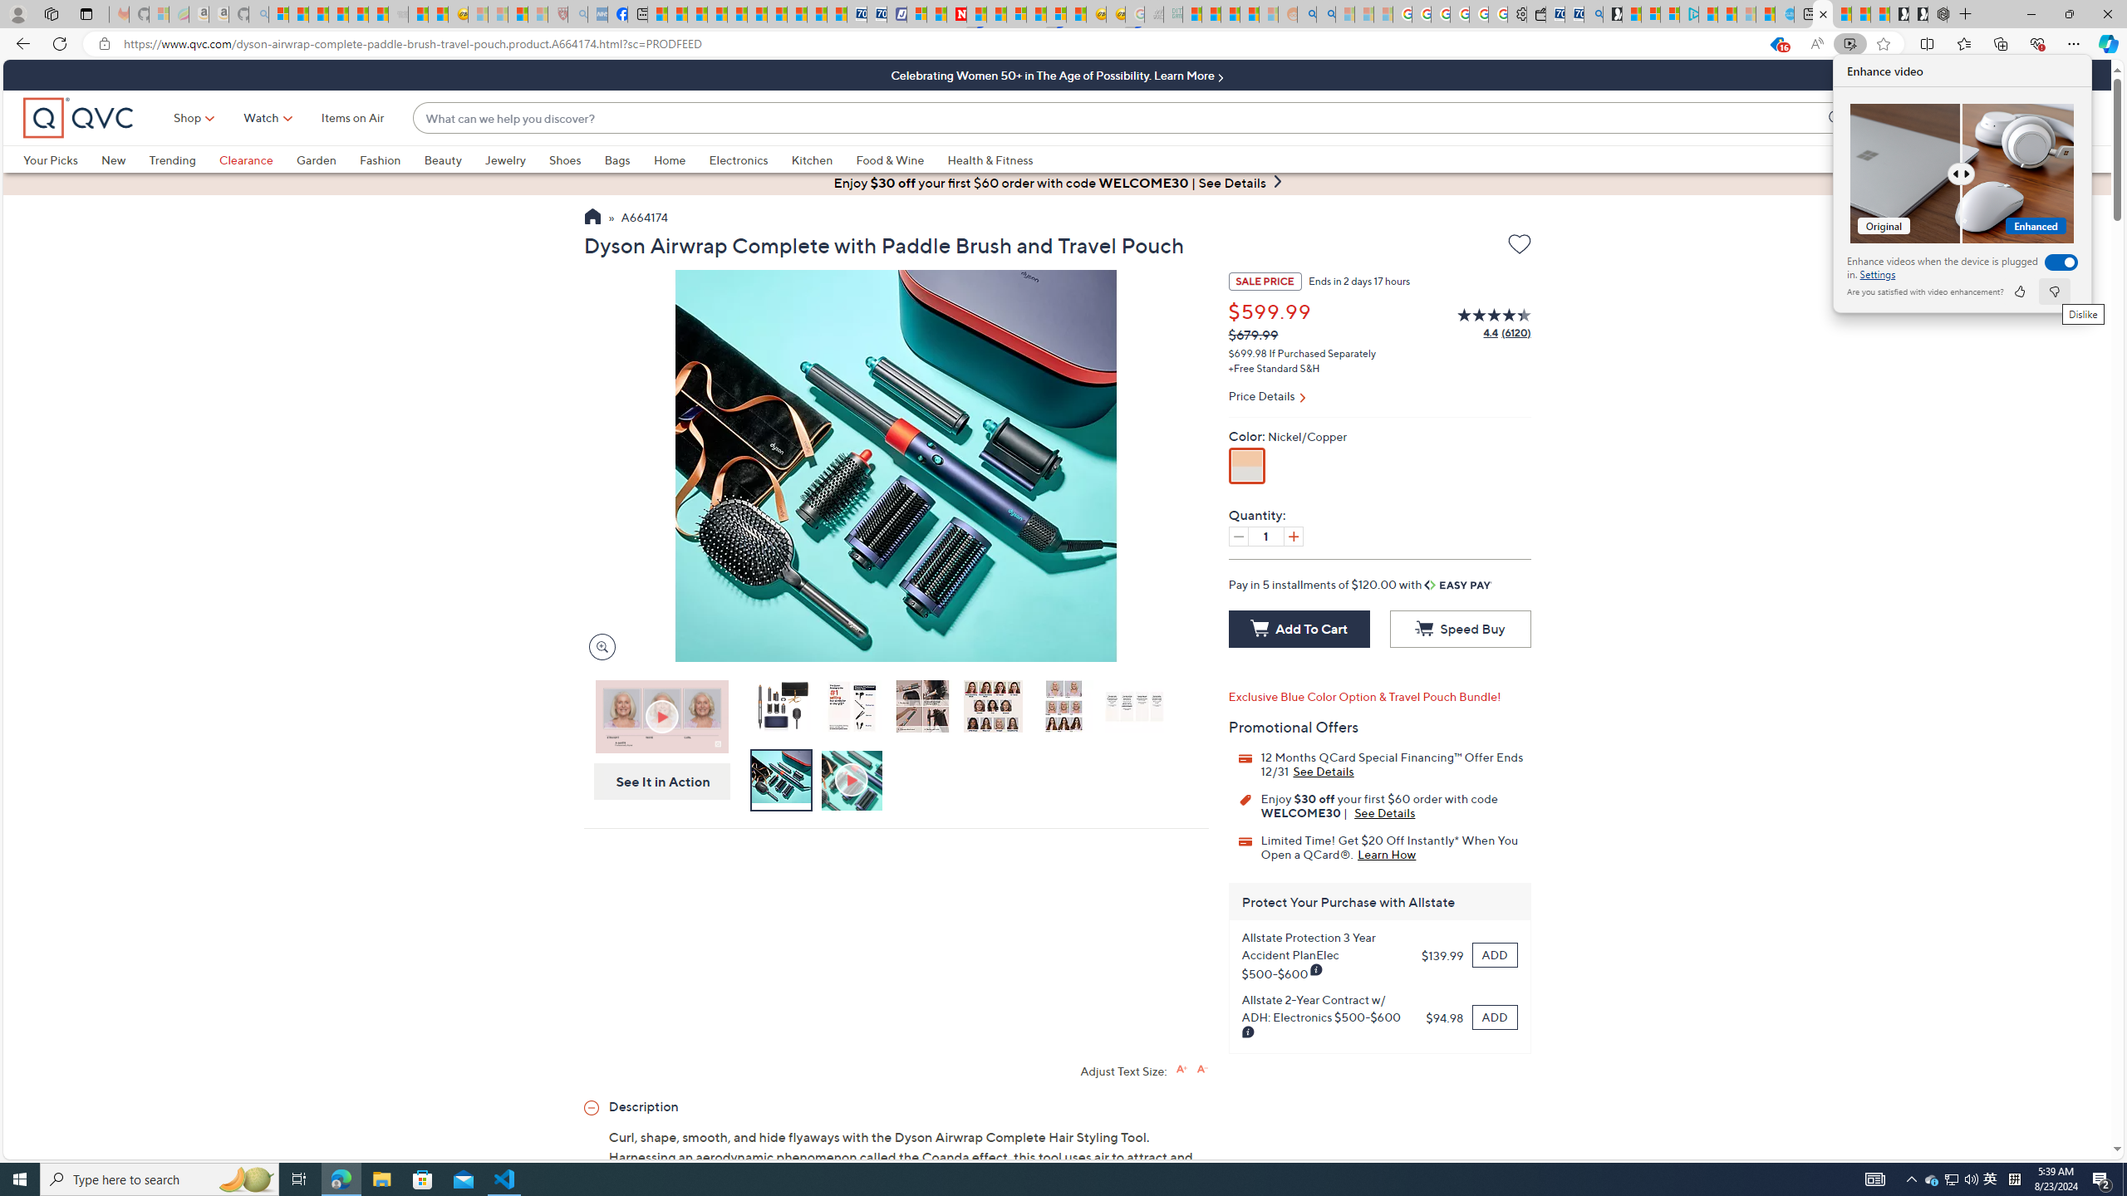  I want to click on 'A664174', so click(643, 218).